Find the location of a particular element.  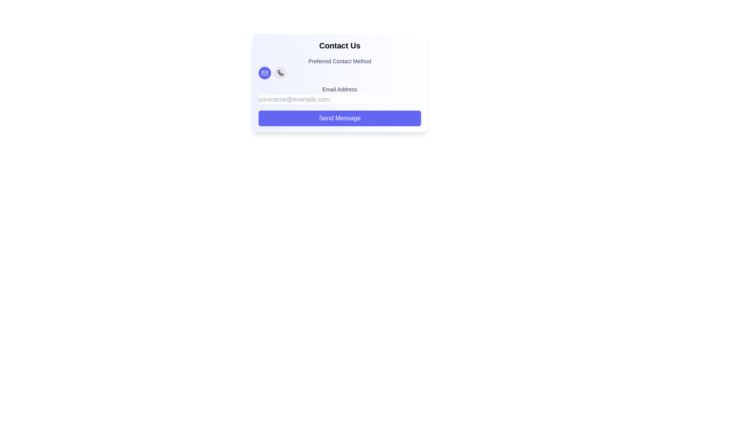

the blue rectangular shape with rounded corners inside the envelope icon in the 'Preferred Contact Method' section is located at coordinates (264, 73).